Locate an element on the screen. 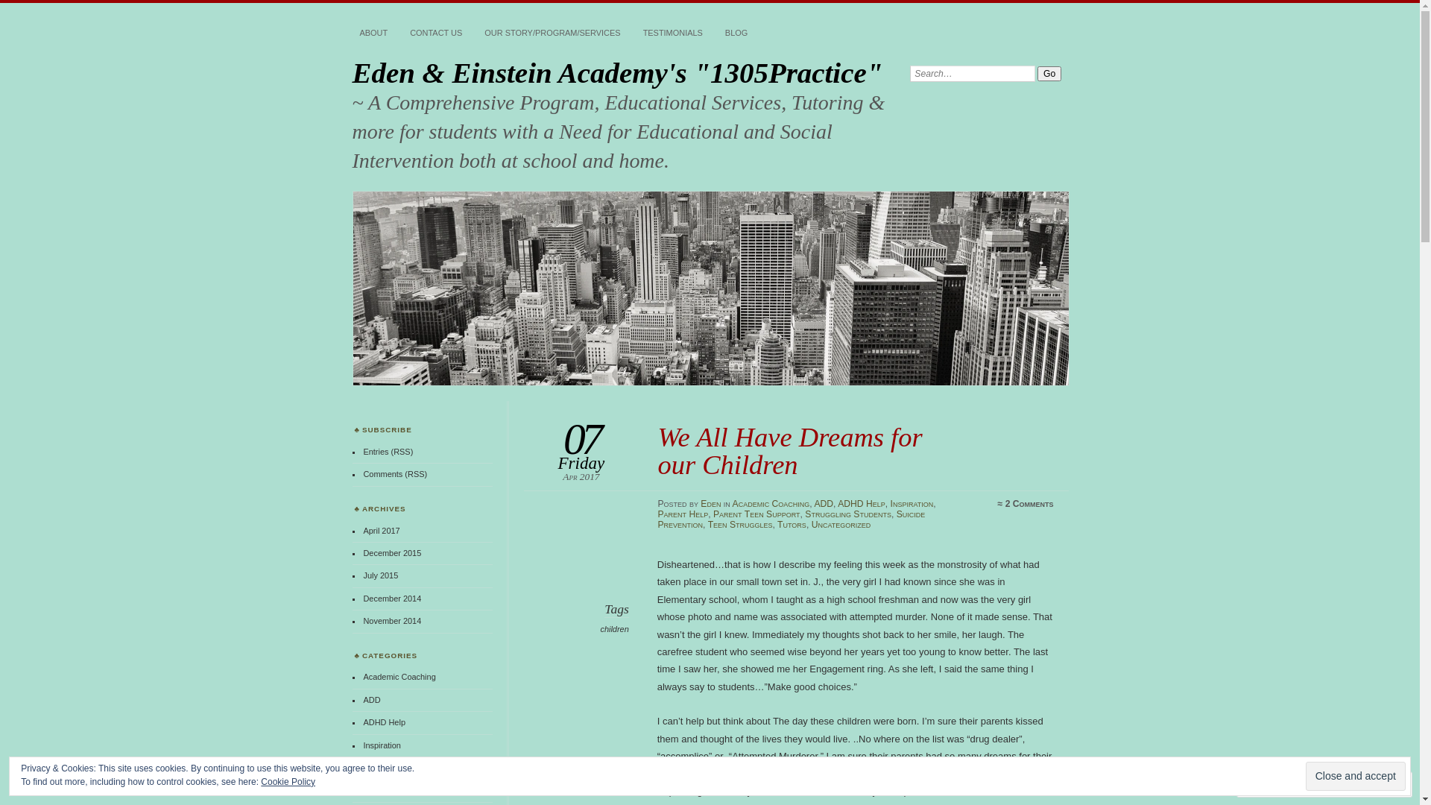 Image resolution: width=1431 pixels, height=805 pixels. 'November 2014' is located at coordinates (392, 621).